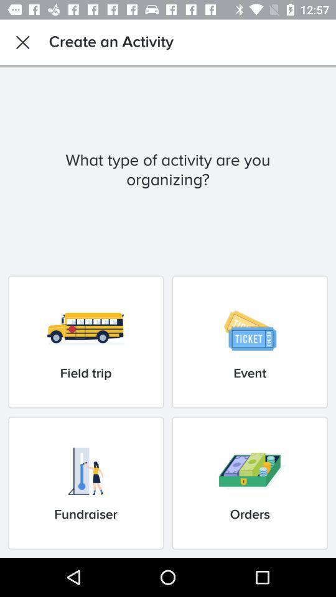  Describe the element at coordinates (85, 341) in the screenshot. I see `the item next to event` at that location.